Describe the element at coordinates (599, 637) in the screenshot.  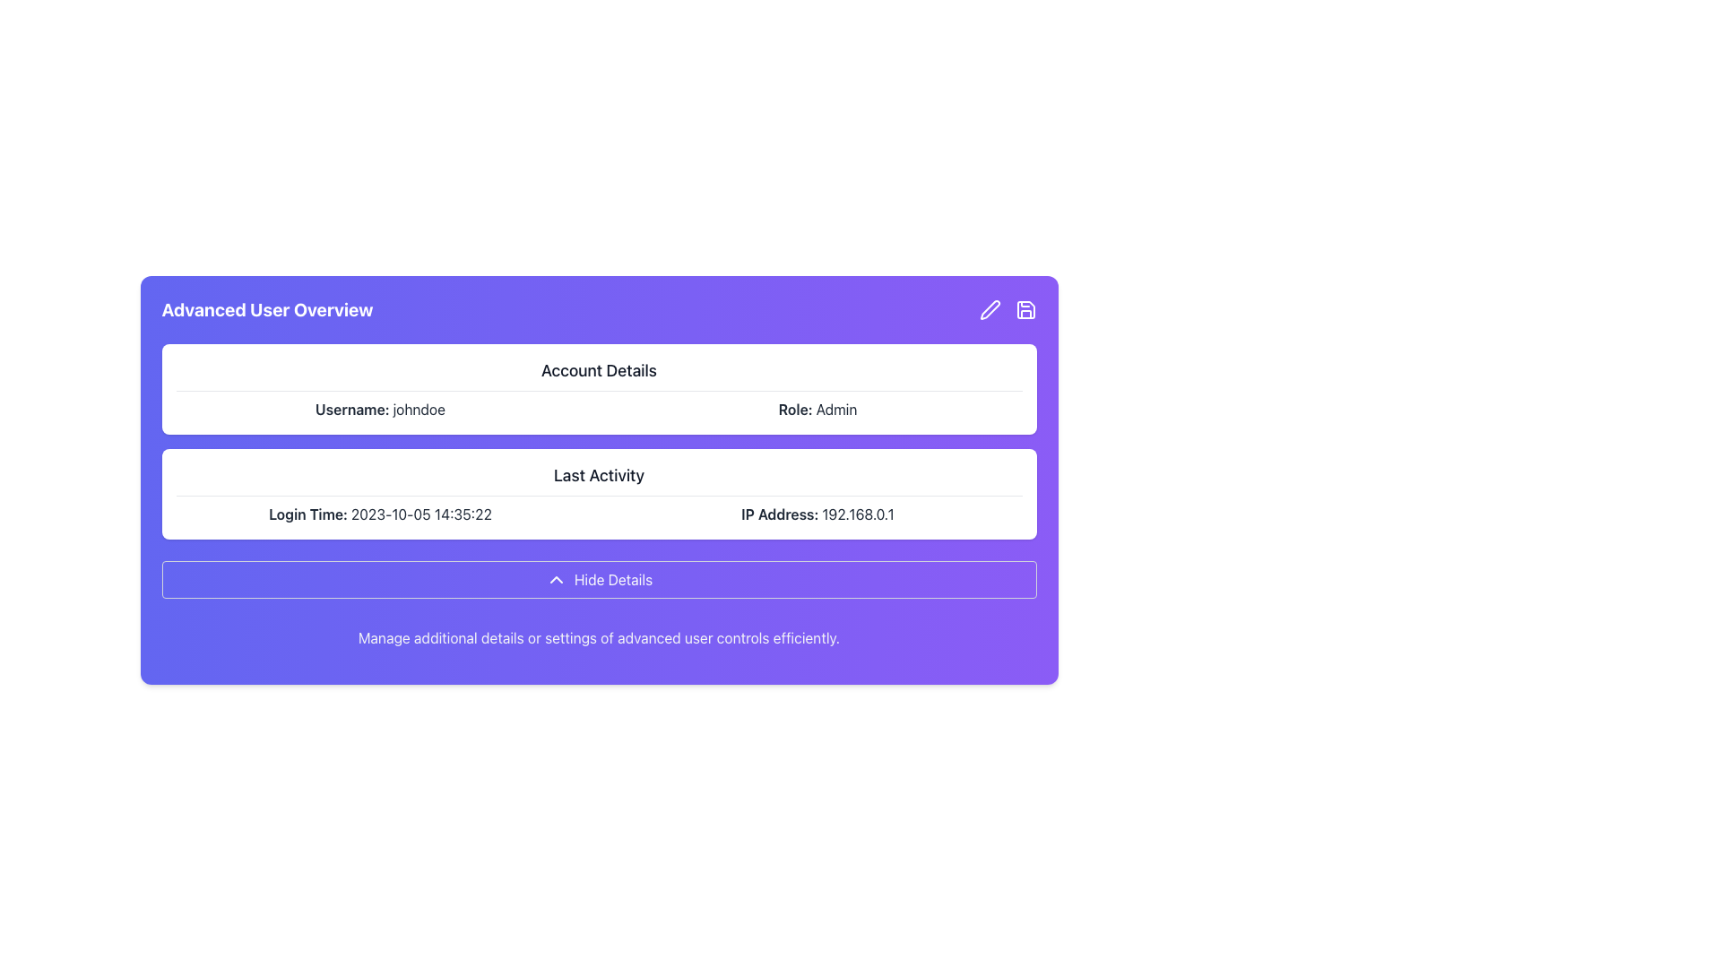
I see `the Informational Text located below the 'Hide Details' button in the 'Advanced User Overview' section` at that location.